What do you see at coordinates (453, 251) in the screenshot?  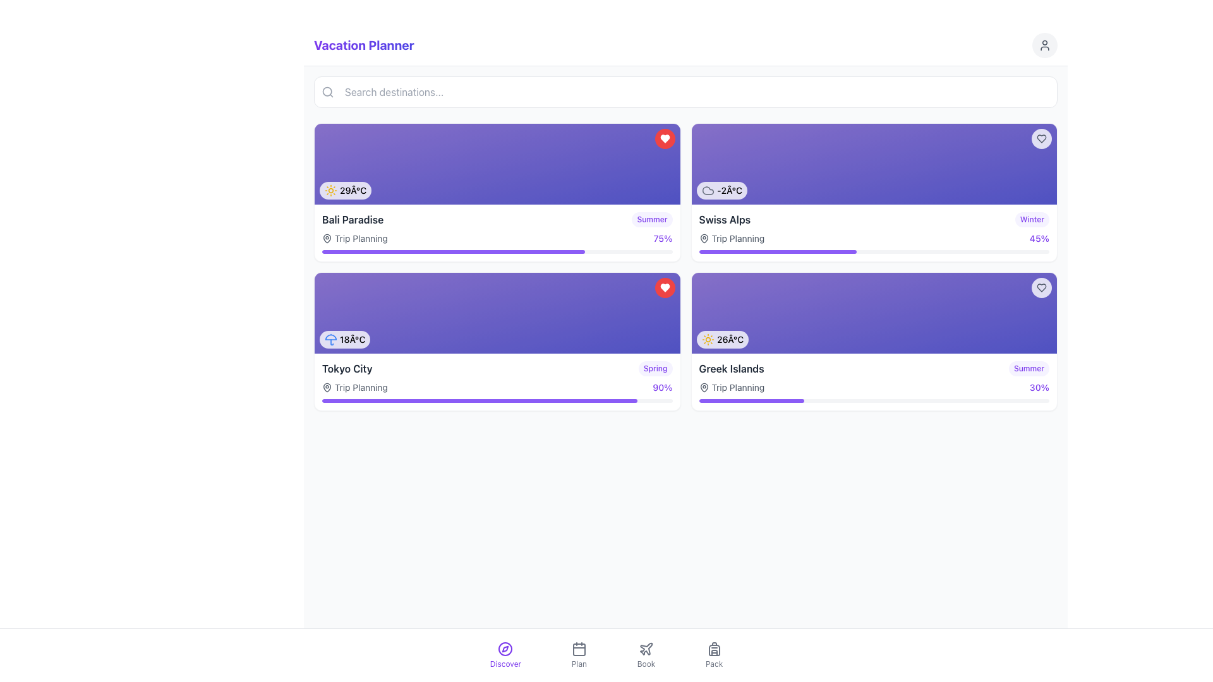 I see `the violet progress bar segment representing 75% completion located below the 'Bali Paradise' card in the top-left corner of the main content area` at bounding box center [453, 251].